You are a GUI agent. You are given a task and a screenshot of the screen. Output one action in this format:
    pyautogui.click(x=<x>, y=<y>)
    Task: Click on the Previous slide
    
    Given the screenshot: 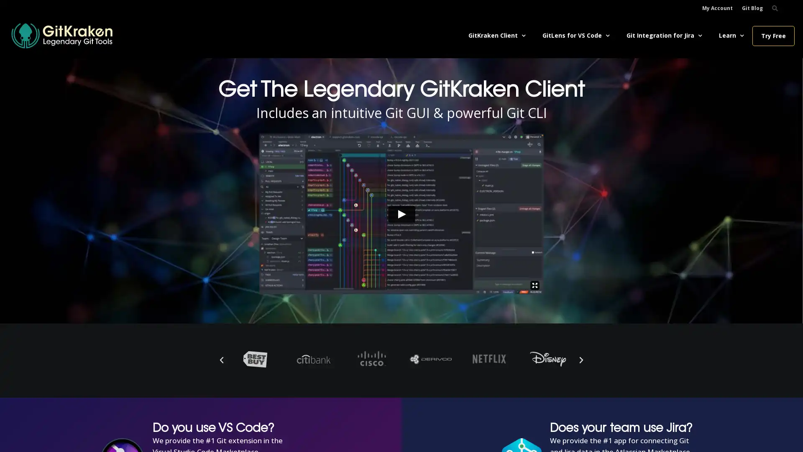 What is the action you would take?
    pyautogui.click(x=221, y=360)
    